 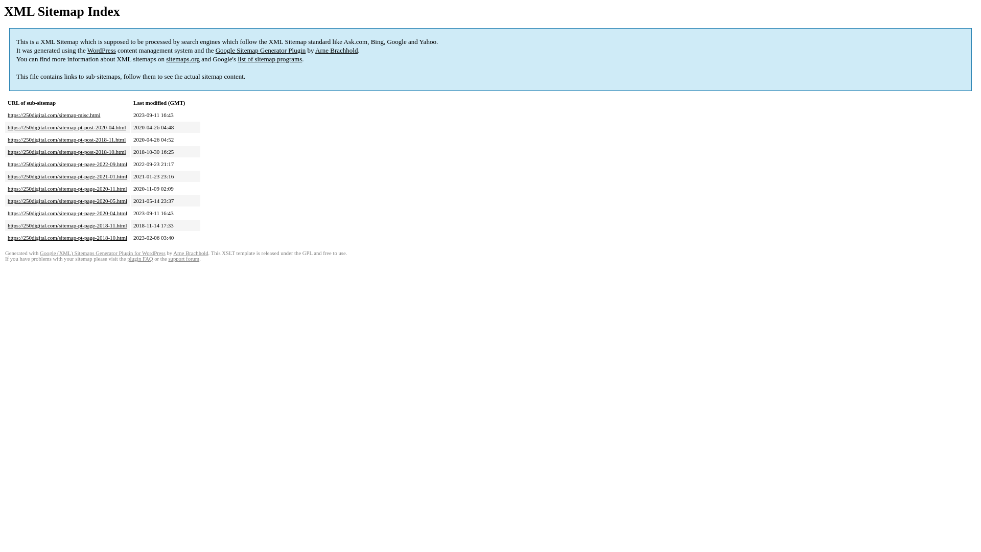 What do you see at coordinates (270, 59) in the screenshot?
I see `'list of sitemap programs'` at bounding box center [270, 59].